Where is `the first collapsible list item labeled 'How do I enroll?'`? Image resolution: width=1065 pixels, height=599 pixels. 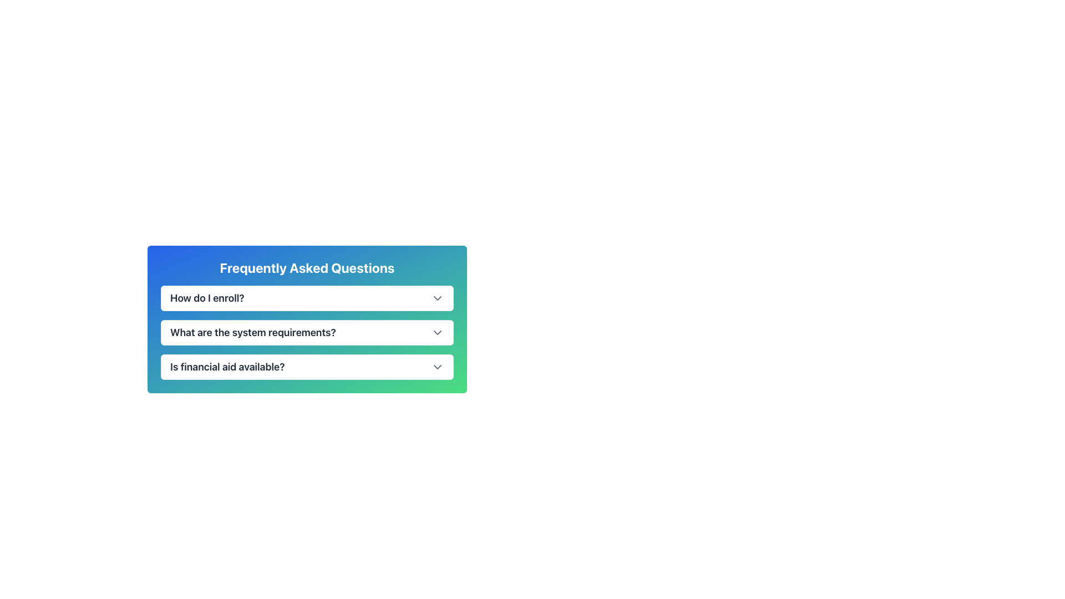 the first collapsible list item labeled 'How do I enroll?' is located at coordinates (307, 297).